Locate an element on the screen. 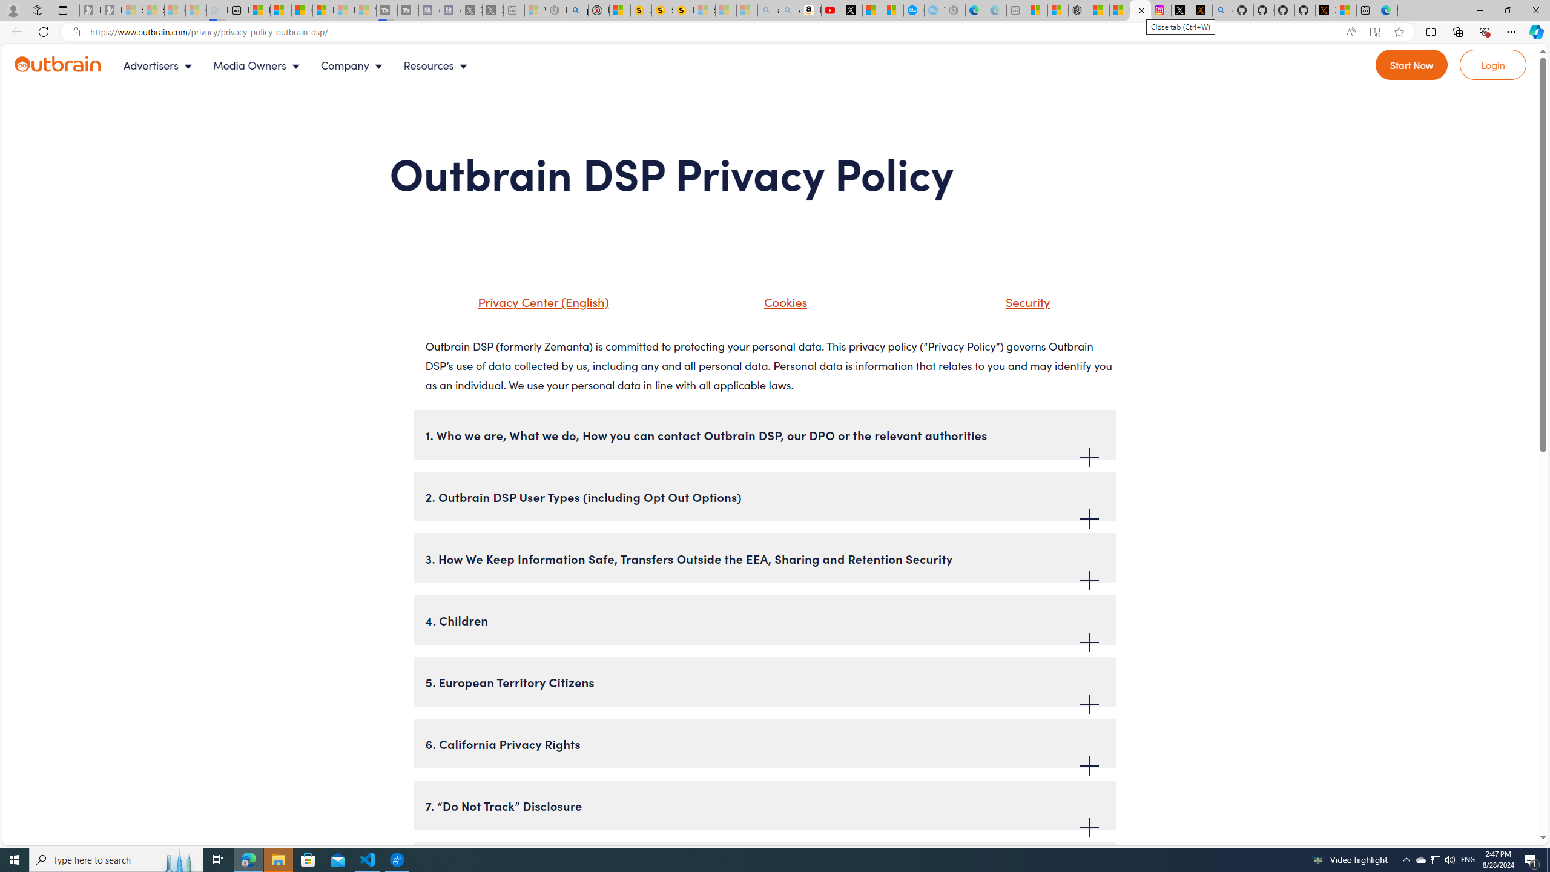  'Go to login' is located at coordinates (1493, 65).